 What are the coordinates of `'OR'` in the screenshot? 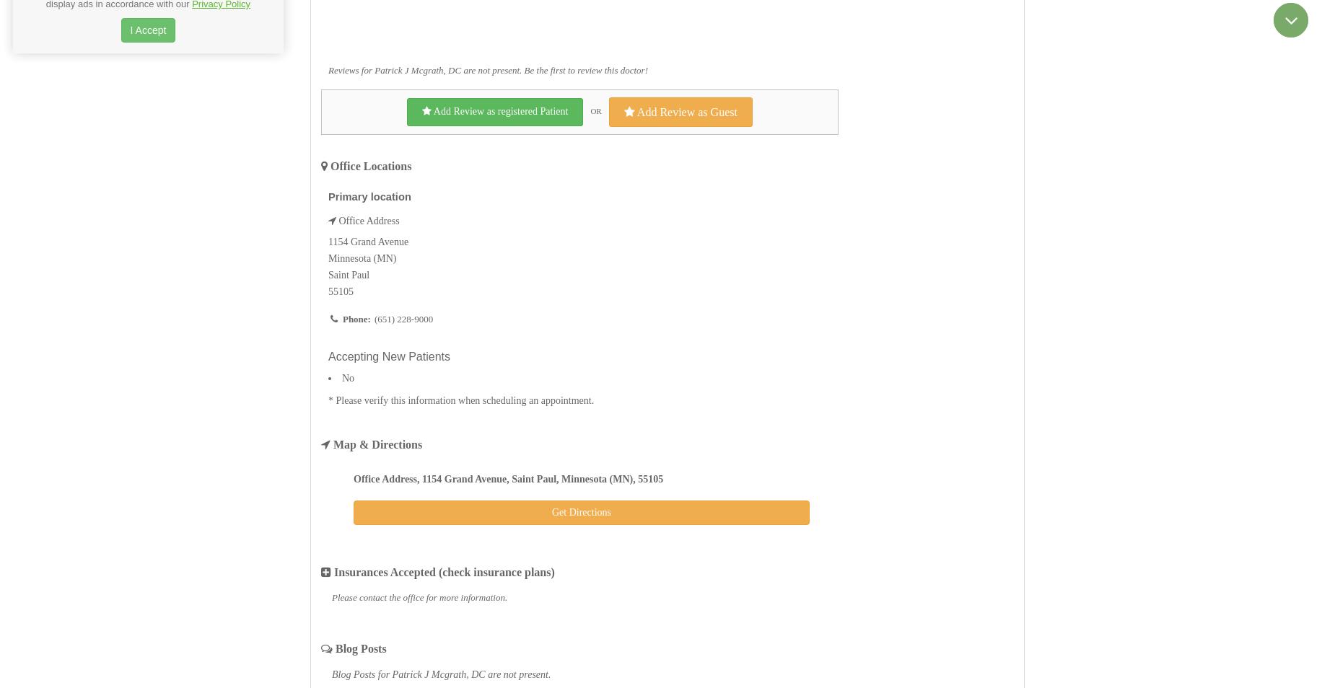 It's located at (590, 110).